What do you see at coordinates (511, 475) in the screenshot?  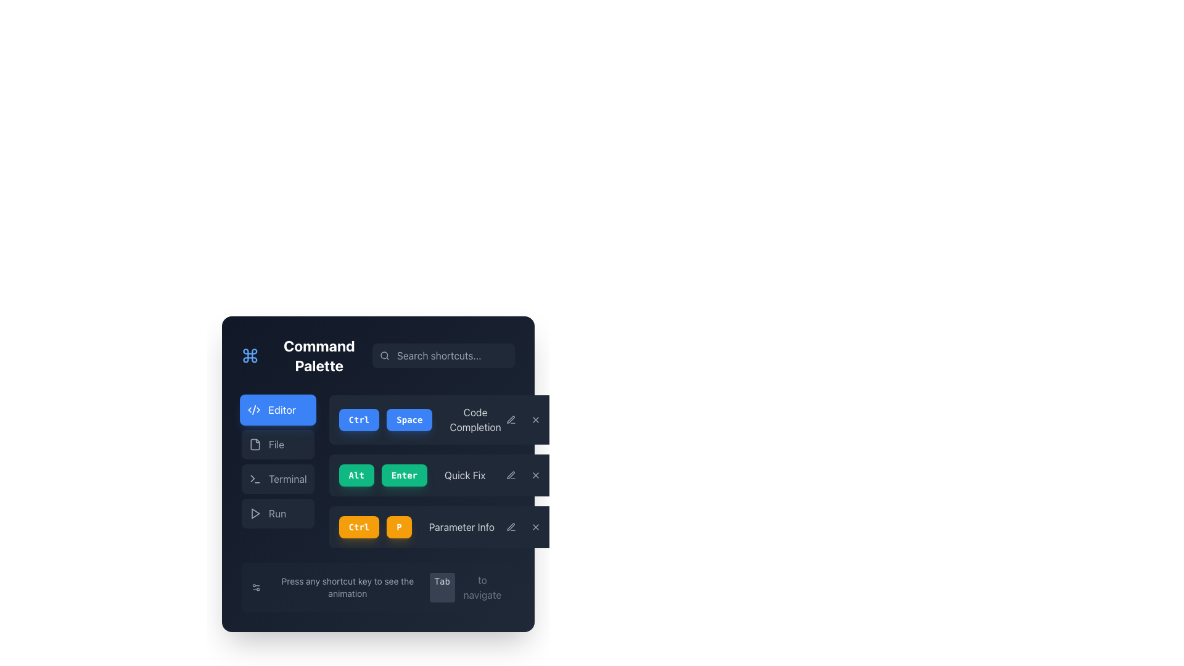 I see `the pencil-like icon in the horizontal menu bar` at bounding box center [511, 475].